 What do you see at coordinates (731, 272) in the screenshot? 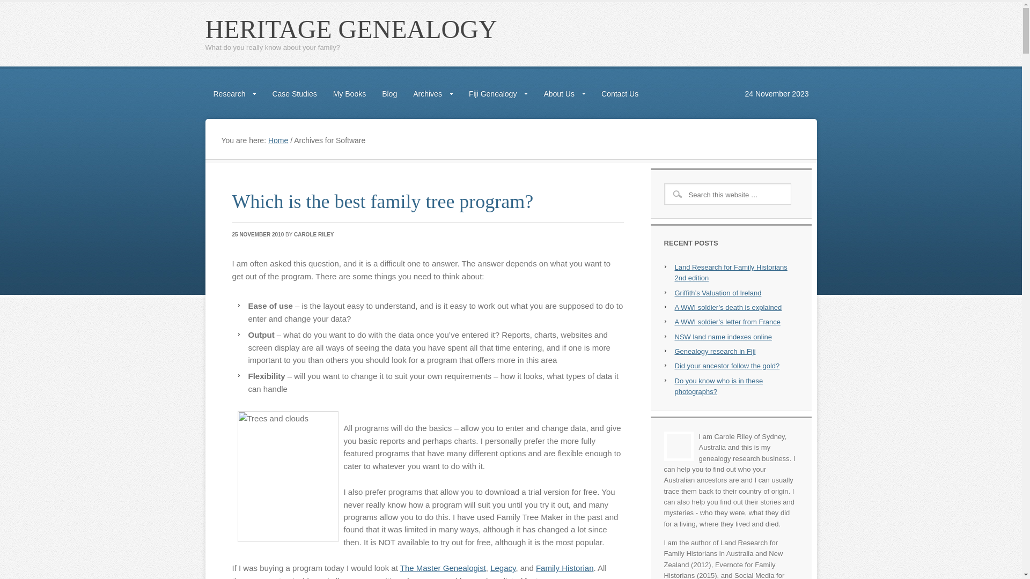
I see `'Land Research for Family Historians 2nd edition'` at bounding box center [731, 272].